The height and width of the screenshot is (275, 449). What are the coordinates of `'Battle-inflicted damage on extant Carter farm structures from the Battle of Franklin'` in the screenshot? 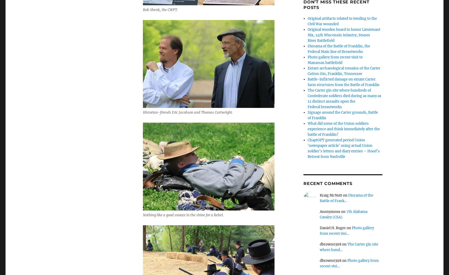 It's located at (343, 82).